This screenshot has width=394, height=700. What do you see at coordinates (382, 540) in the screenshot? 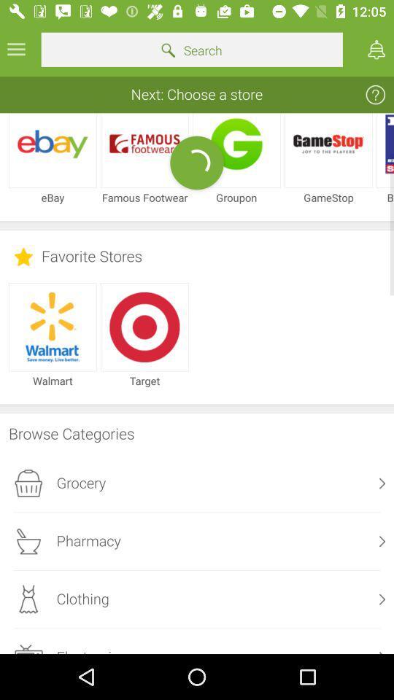
I see `arrow symbol beside pharmacy` at bounding box center [382, 540].